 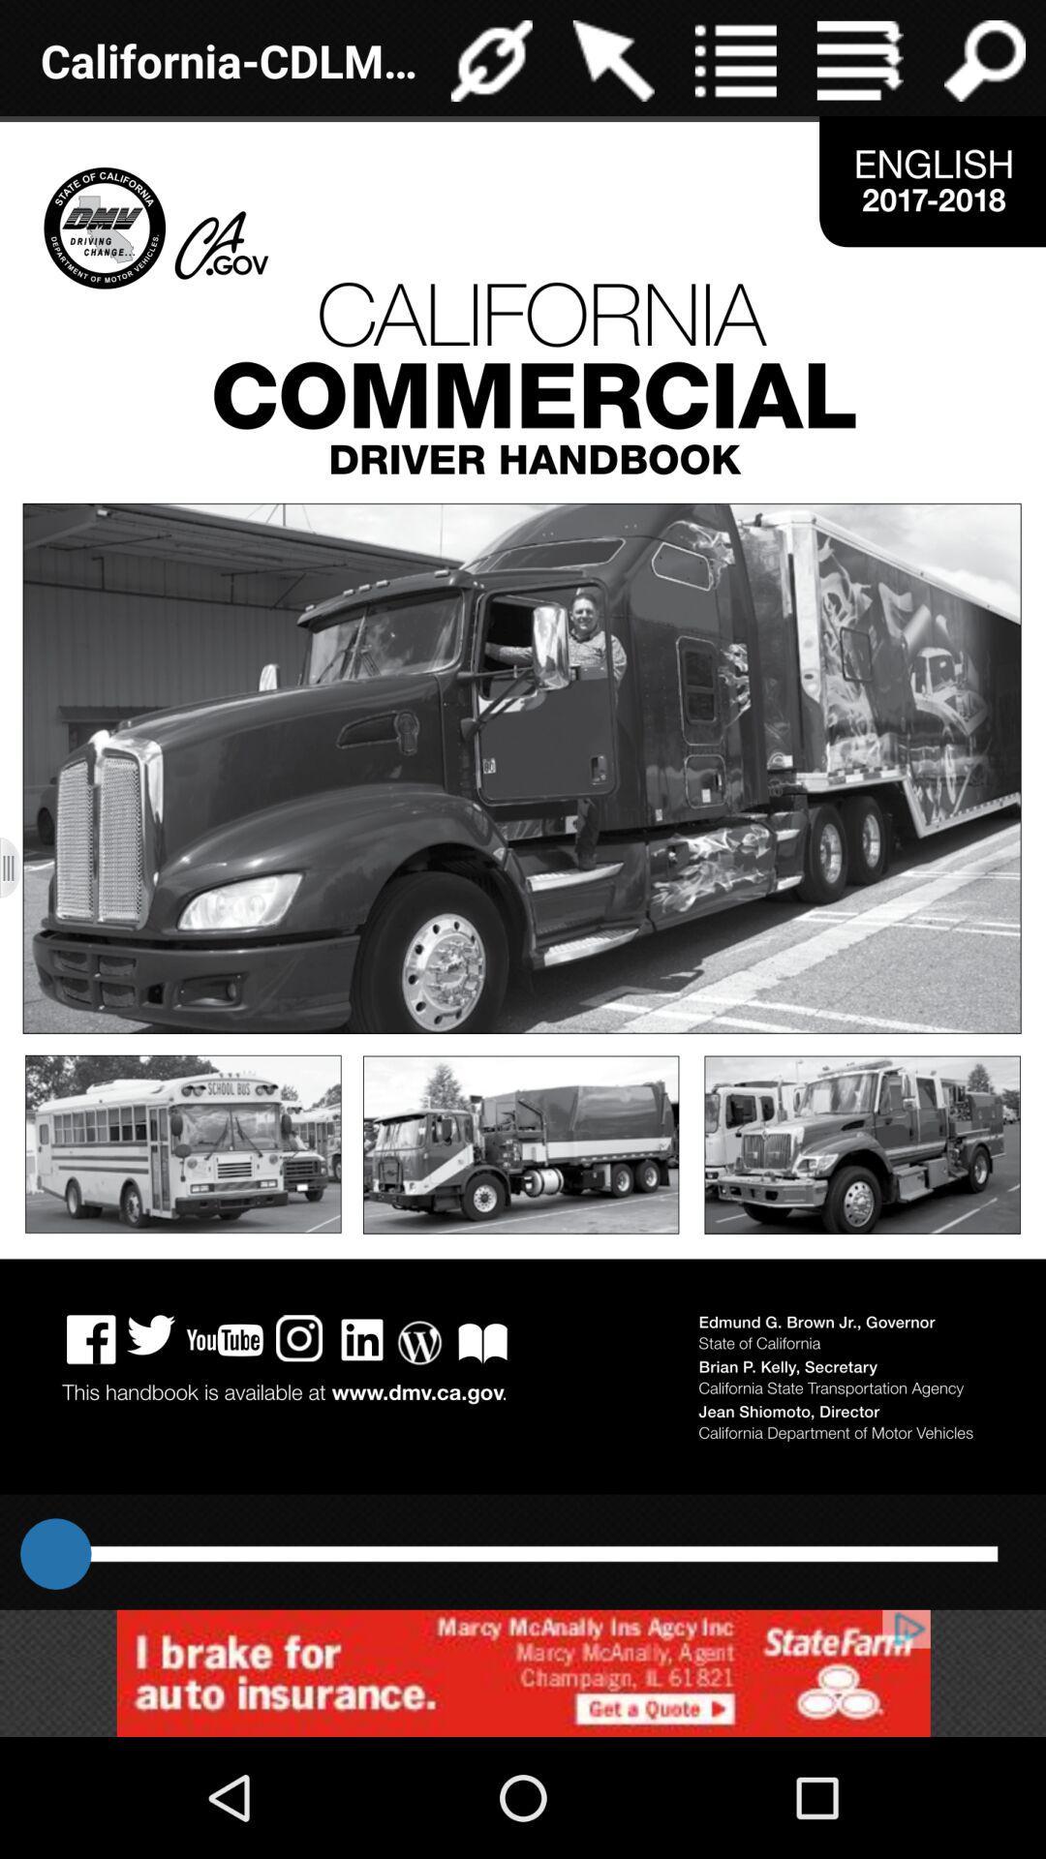 I want to click on the menu icon, so click(x=22, y=928).